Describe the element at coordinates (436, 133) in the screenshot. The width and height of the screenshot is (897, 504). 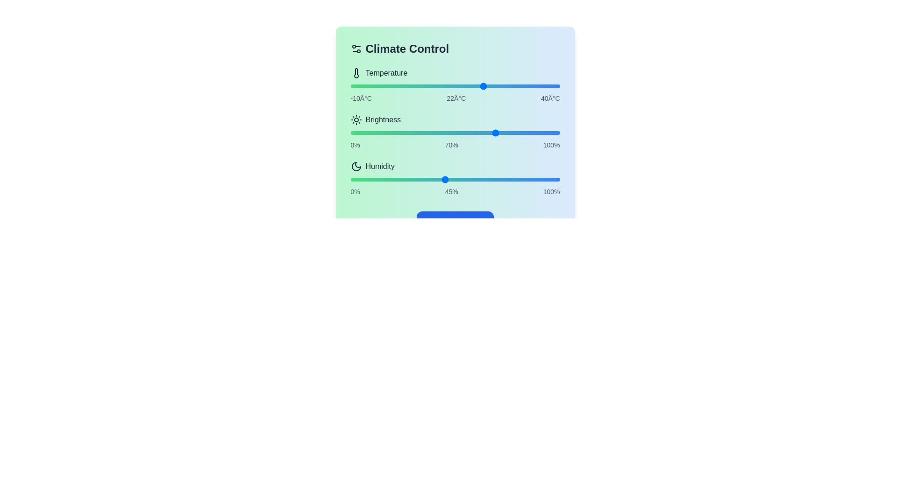
I see `the brightness` at that location.